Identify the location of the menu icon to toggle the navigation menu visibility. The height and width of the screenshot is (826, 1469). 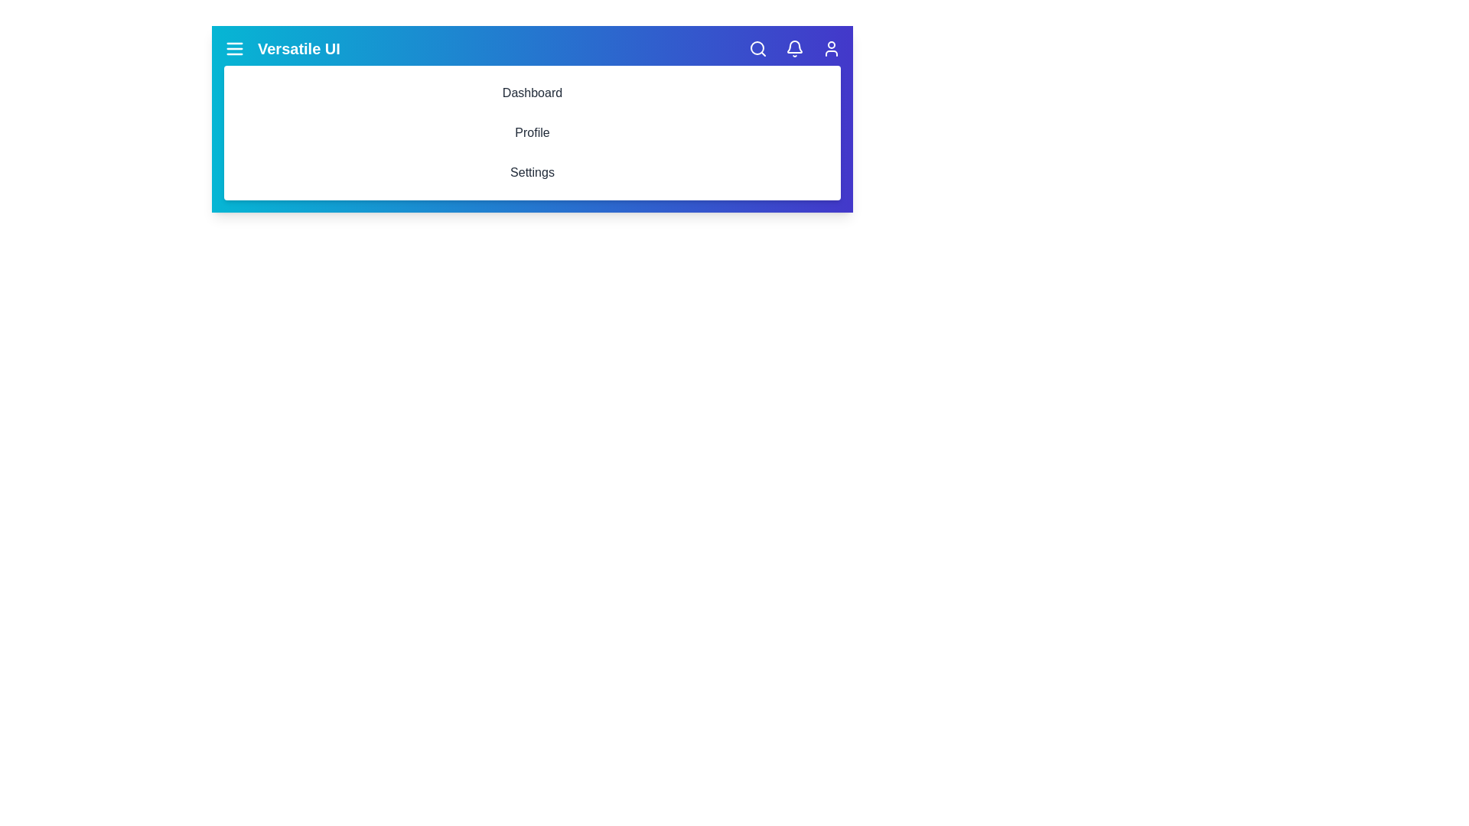
(234, 48).